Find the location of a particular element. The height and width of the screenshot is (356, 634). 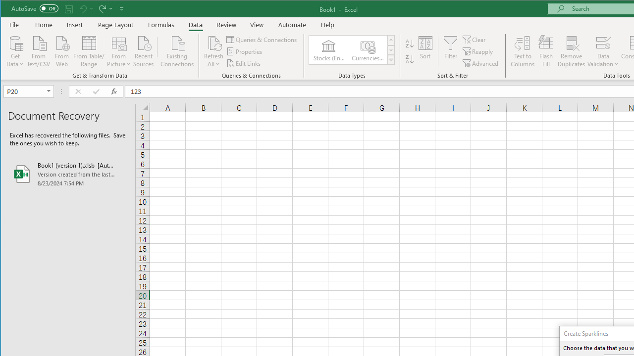

'Filter' is located at coordinates (450, 51).